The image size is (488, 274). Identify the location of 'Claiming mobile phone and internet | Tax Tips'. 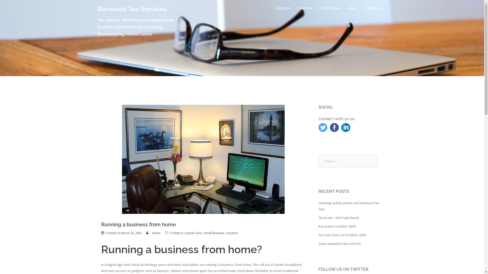
(348, 206).